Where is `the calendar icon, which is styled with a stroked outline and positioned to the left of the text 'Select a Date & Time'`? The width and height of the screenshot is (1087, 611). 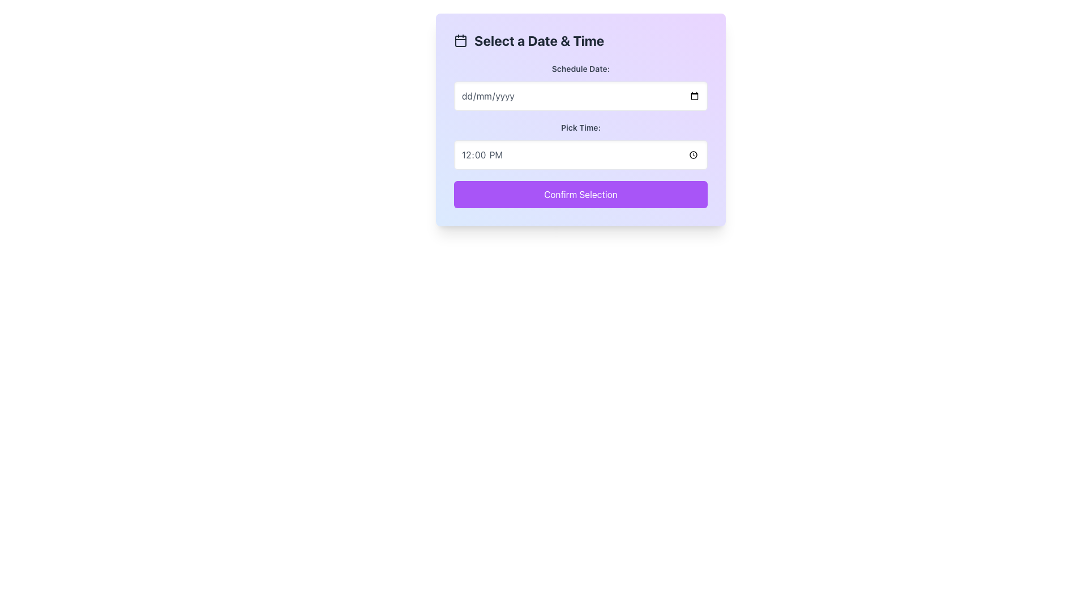
the calendar icon, which is styled with a stroked outline and positioned to the left of the text 'Select a Date & Time' is located at coordinates (461, 40).